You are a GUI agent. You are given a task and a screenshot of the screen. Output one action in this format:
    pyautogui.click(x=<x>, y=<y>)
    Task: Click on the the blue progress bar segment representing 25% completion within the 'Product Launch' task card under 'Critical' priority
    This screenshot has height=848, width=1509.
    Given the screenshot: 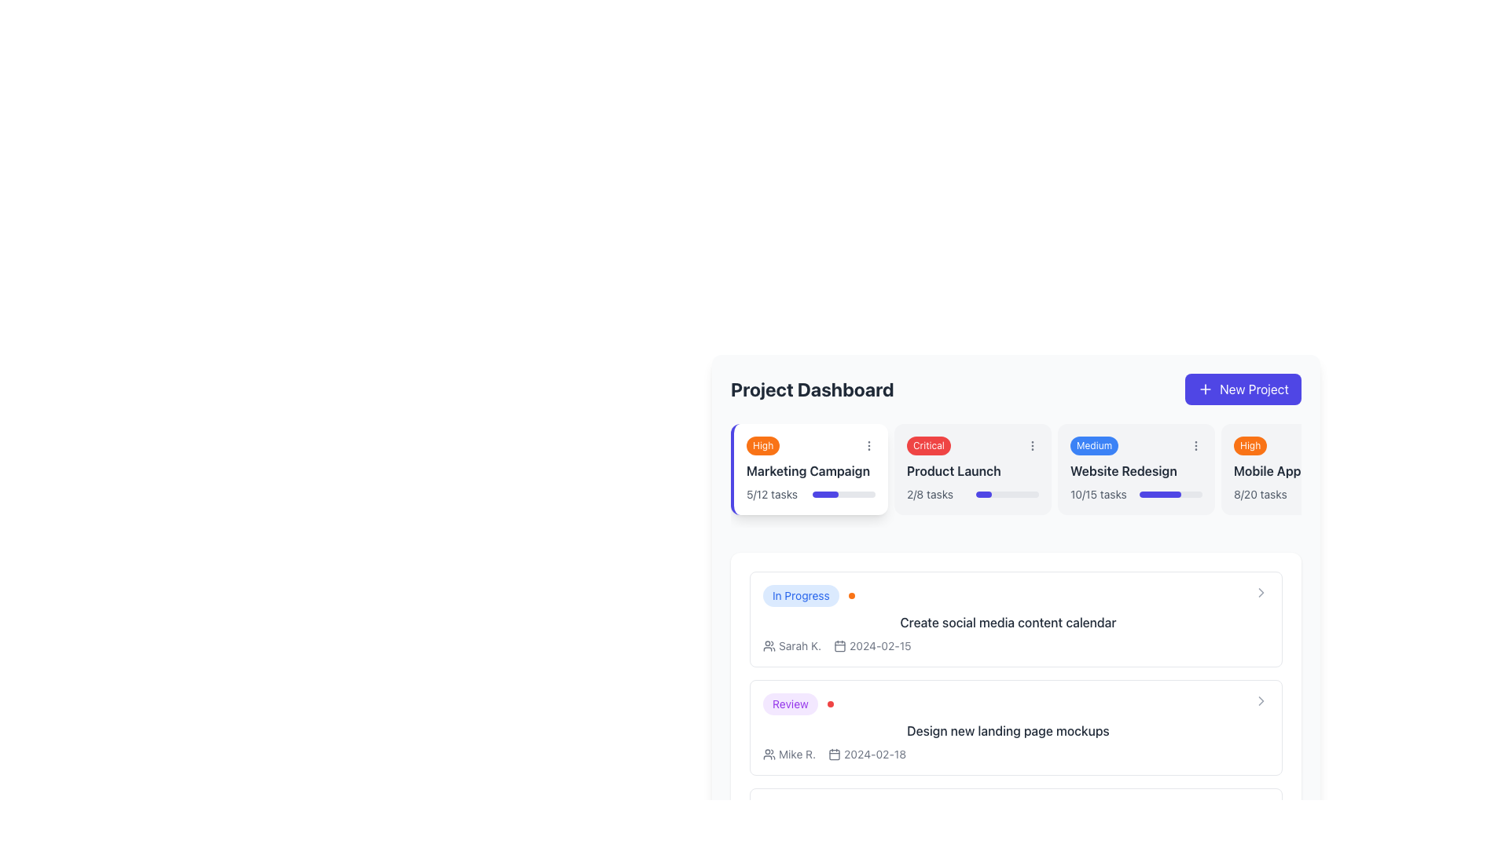 What is the action you would take?
    pyautogui.click(x=983, y=493)
    